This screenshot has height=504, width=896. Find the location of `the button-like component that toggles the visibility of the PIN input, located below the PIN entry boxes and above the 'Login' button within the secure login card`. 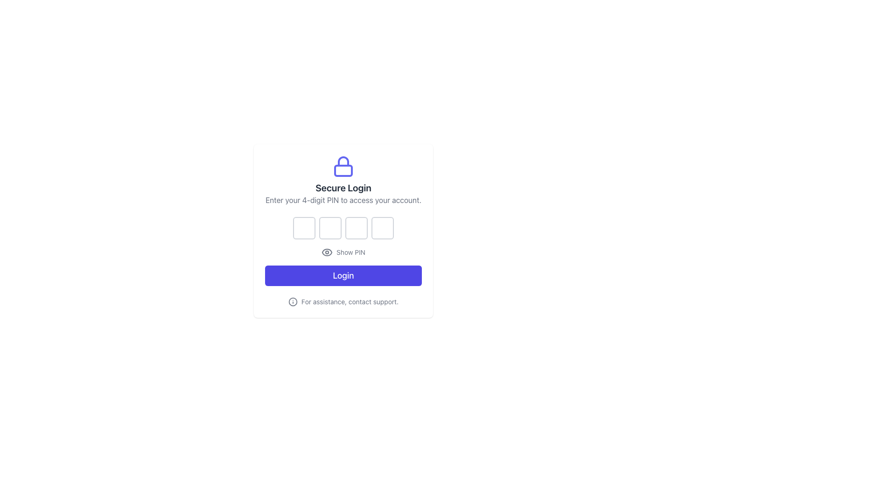

the button-like component that toggles the visibility of the PIN input, located below the PIN entry boxes and above the 'Login' button within the secure login card is located at coordinates (343, 252).